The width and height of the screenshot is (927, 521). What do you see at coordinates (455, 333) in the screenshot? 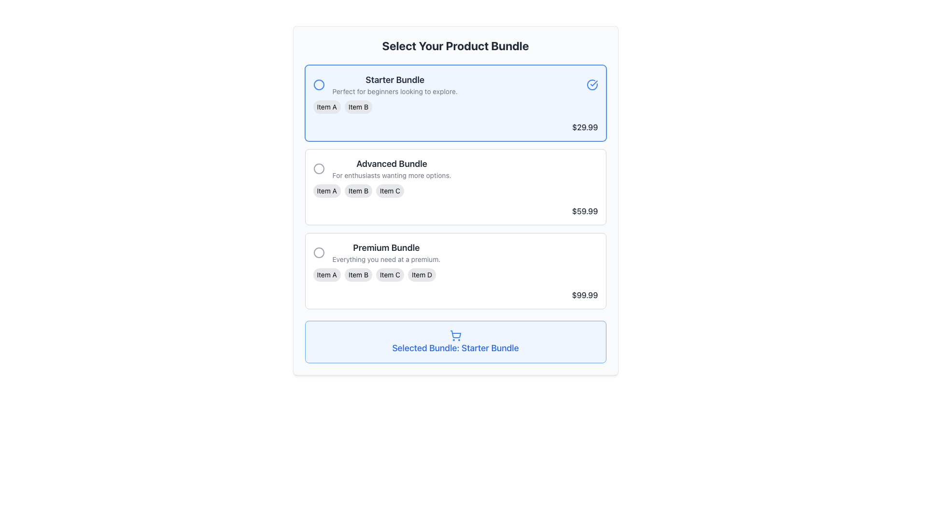
I see `the shopping cart icon component, which is part of the 'lucide-shopping-cart' design, located at the bottom of the interface within a blue box labeled 'Selected Bundle: Starter Bundle'` at bounding box center [455, 333].